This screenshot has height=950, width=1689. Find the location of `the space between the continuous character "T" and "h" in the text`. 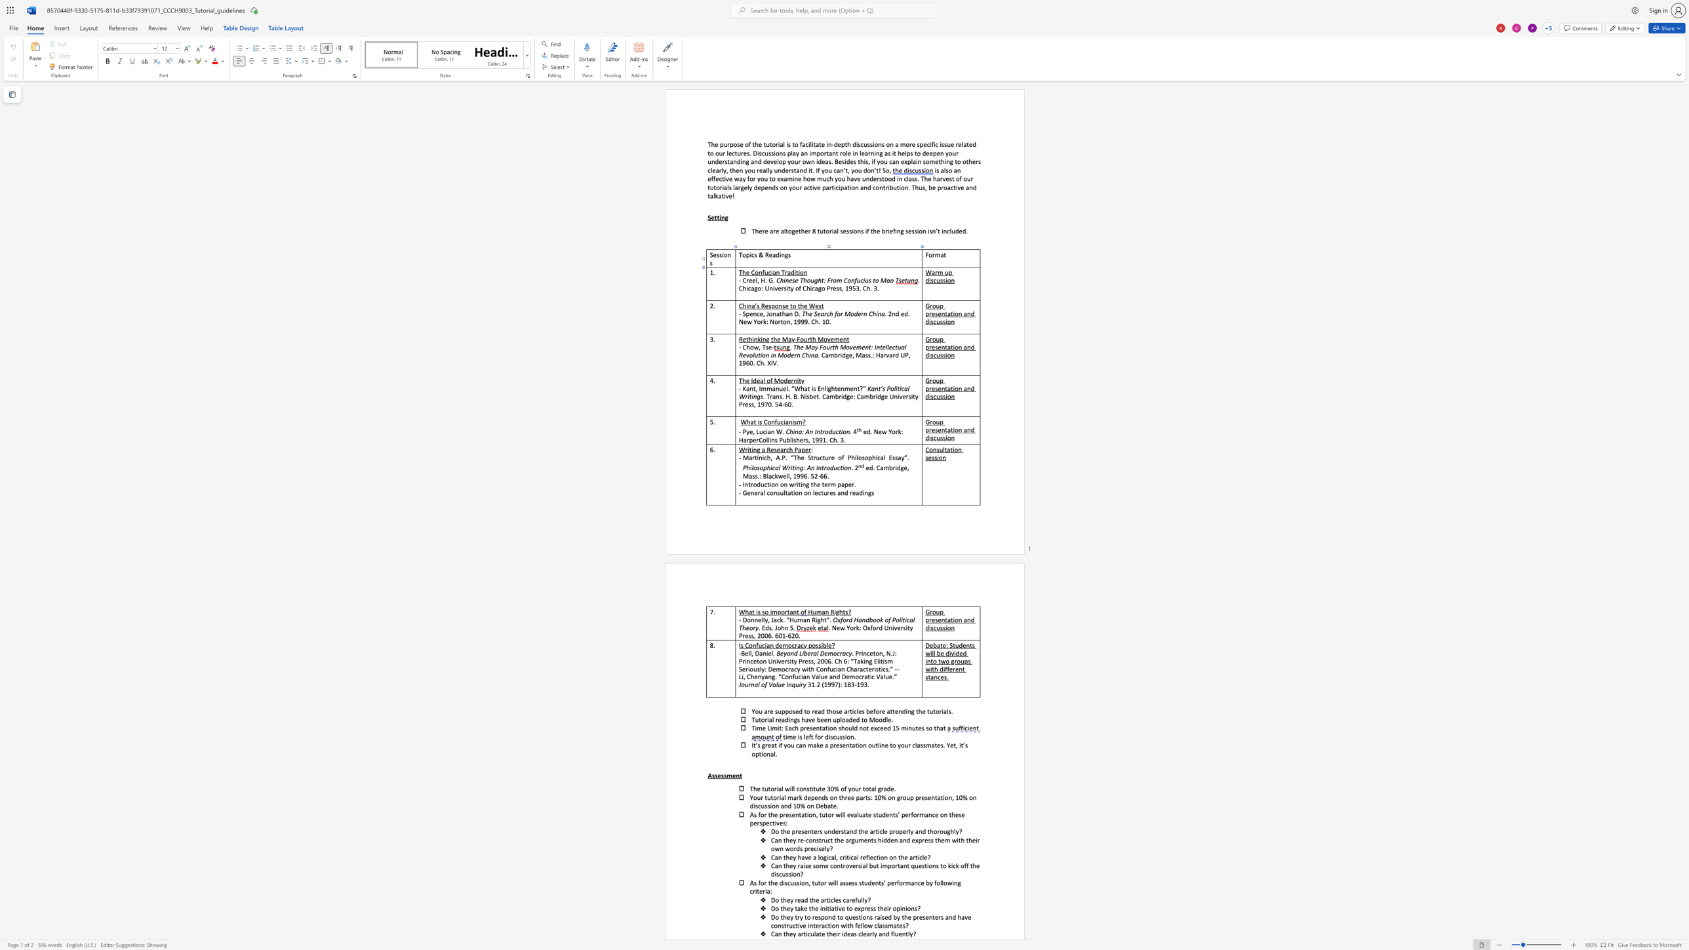

the space between the continuous character "T" and "h" in the text is located at coordinates (805, 313).